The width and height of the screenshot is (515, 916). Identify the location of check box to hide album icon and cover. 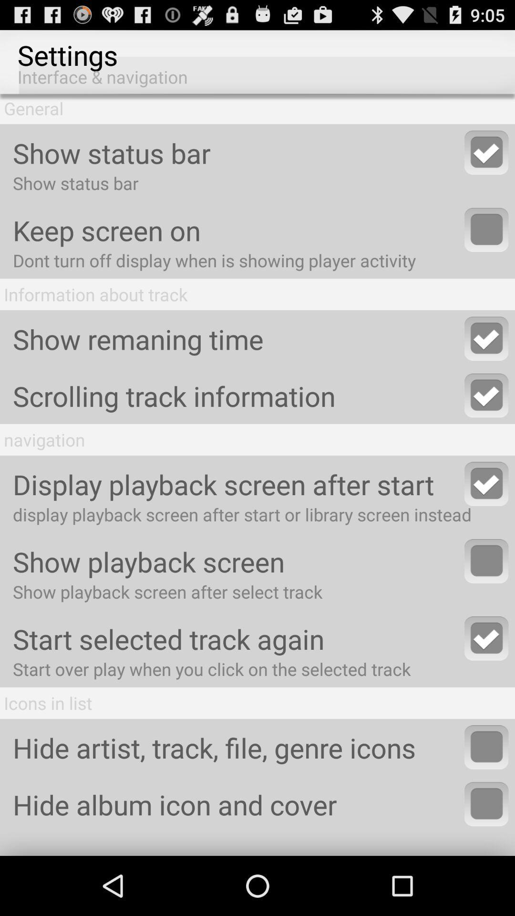
(486, 803).